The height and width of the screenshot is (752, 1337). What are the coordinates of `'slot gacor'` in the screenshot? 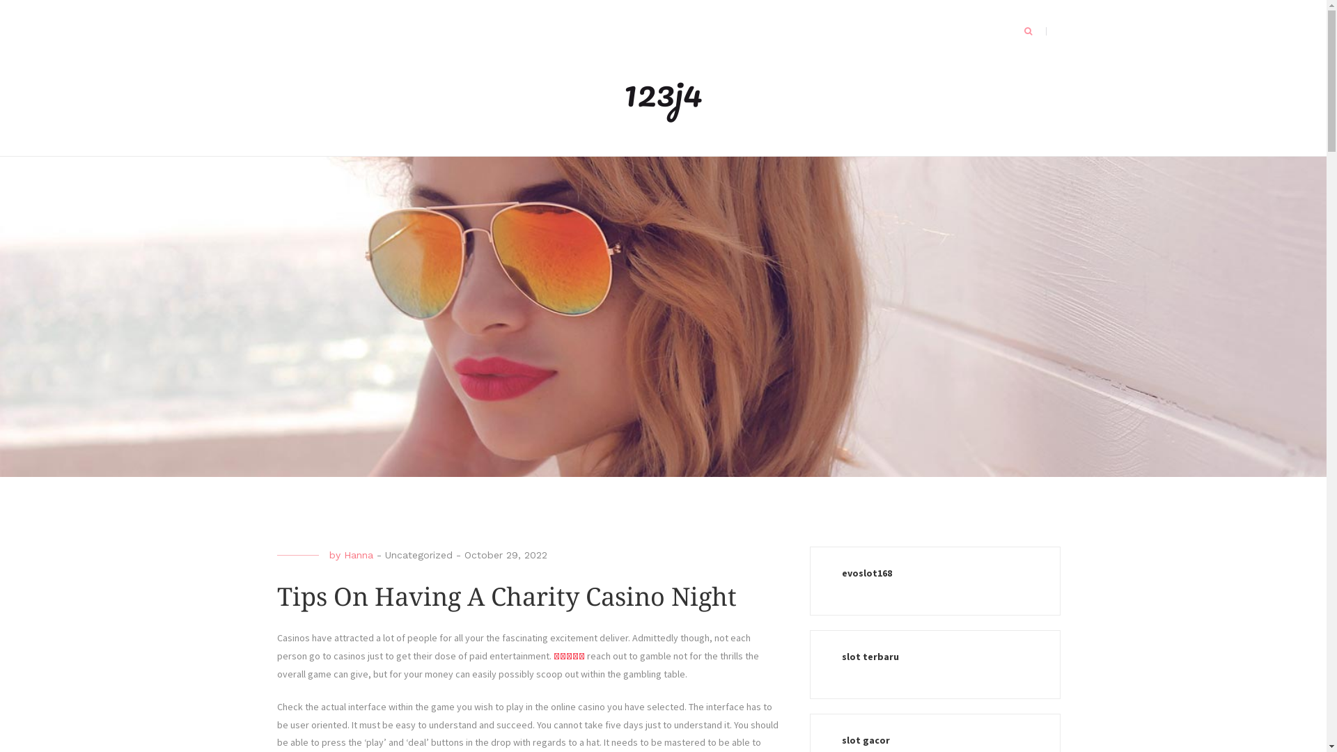 It's located at (840, 739).